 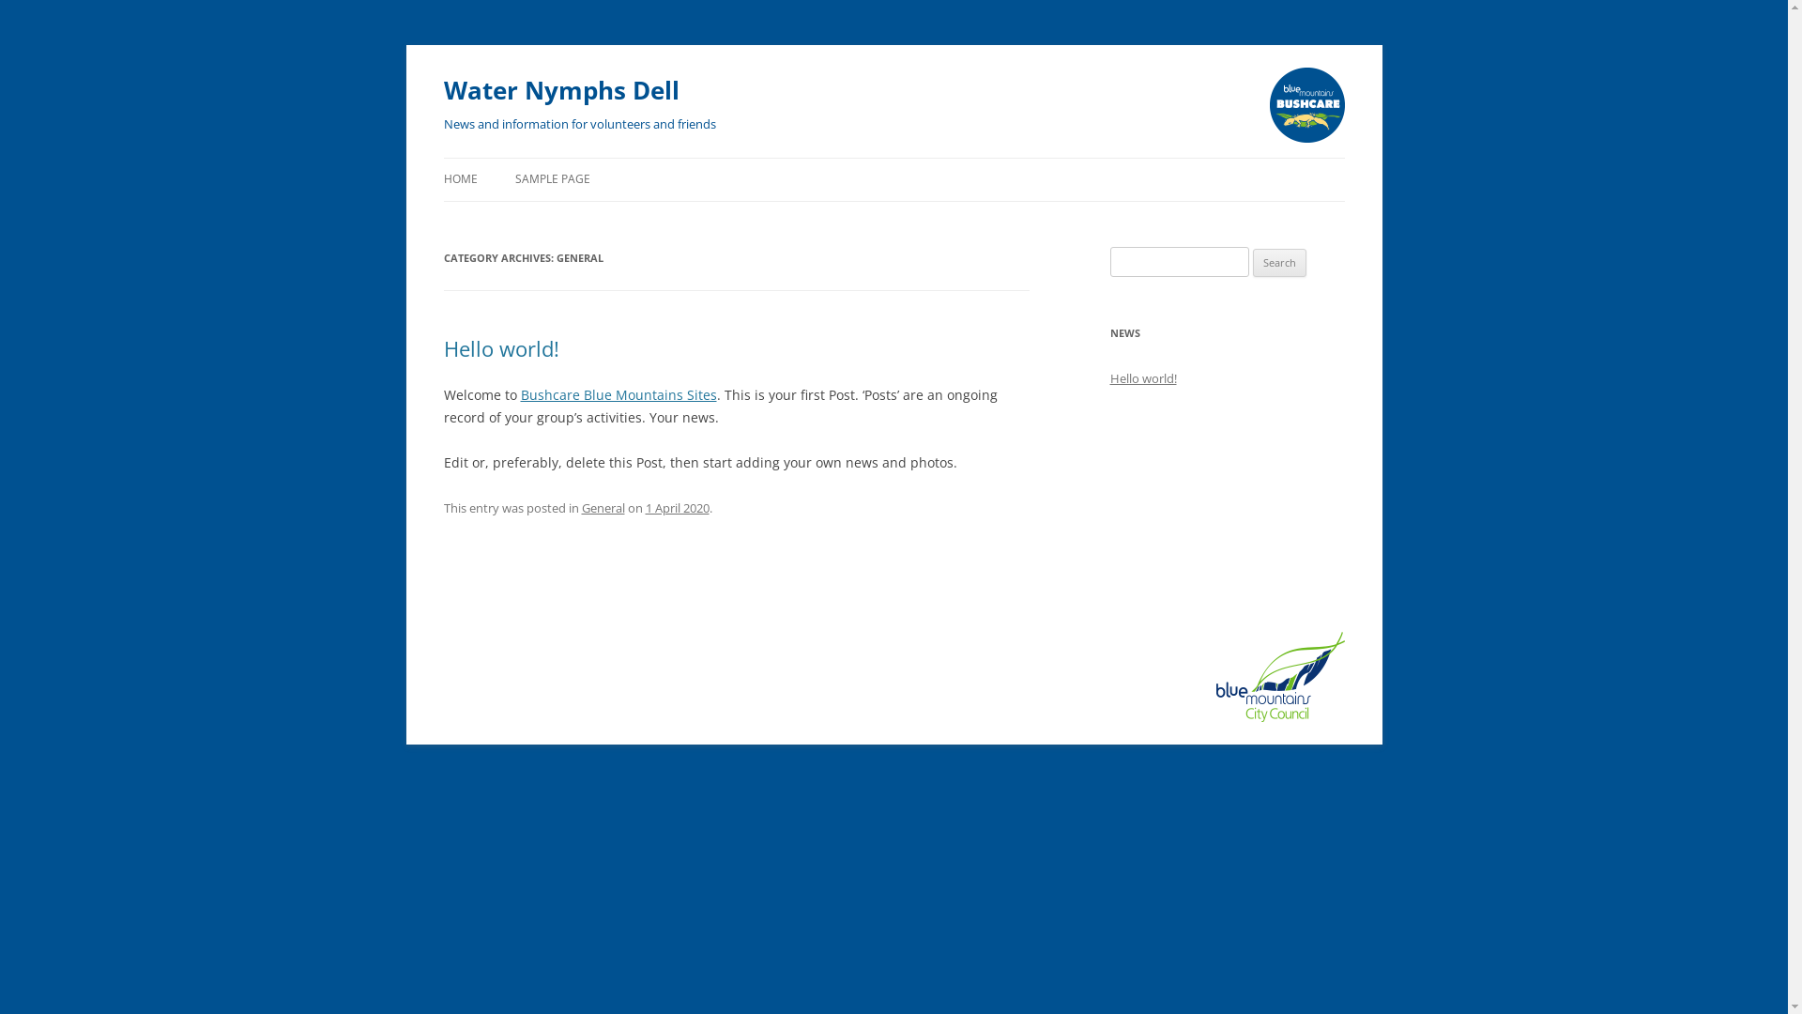 I want to click on 'Bushcare Blue Mountains Sites', so click(x=618, y=393).